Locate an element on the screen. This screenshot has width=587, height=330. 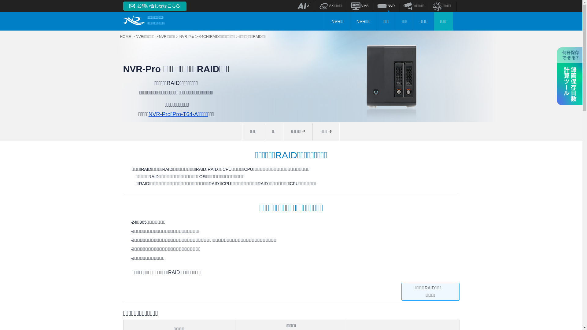
'HOME' is located at coordinates (127, 36).